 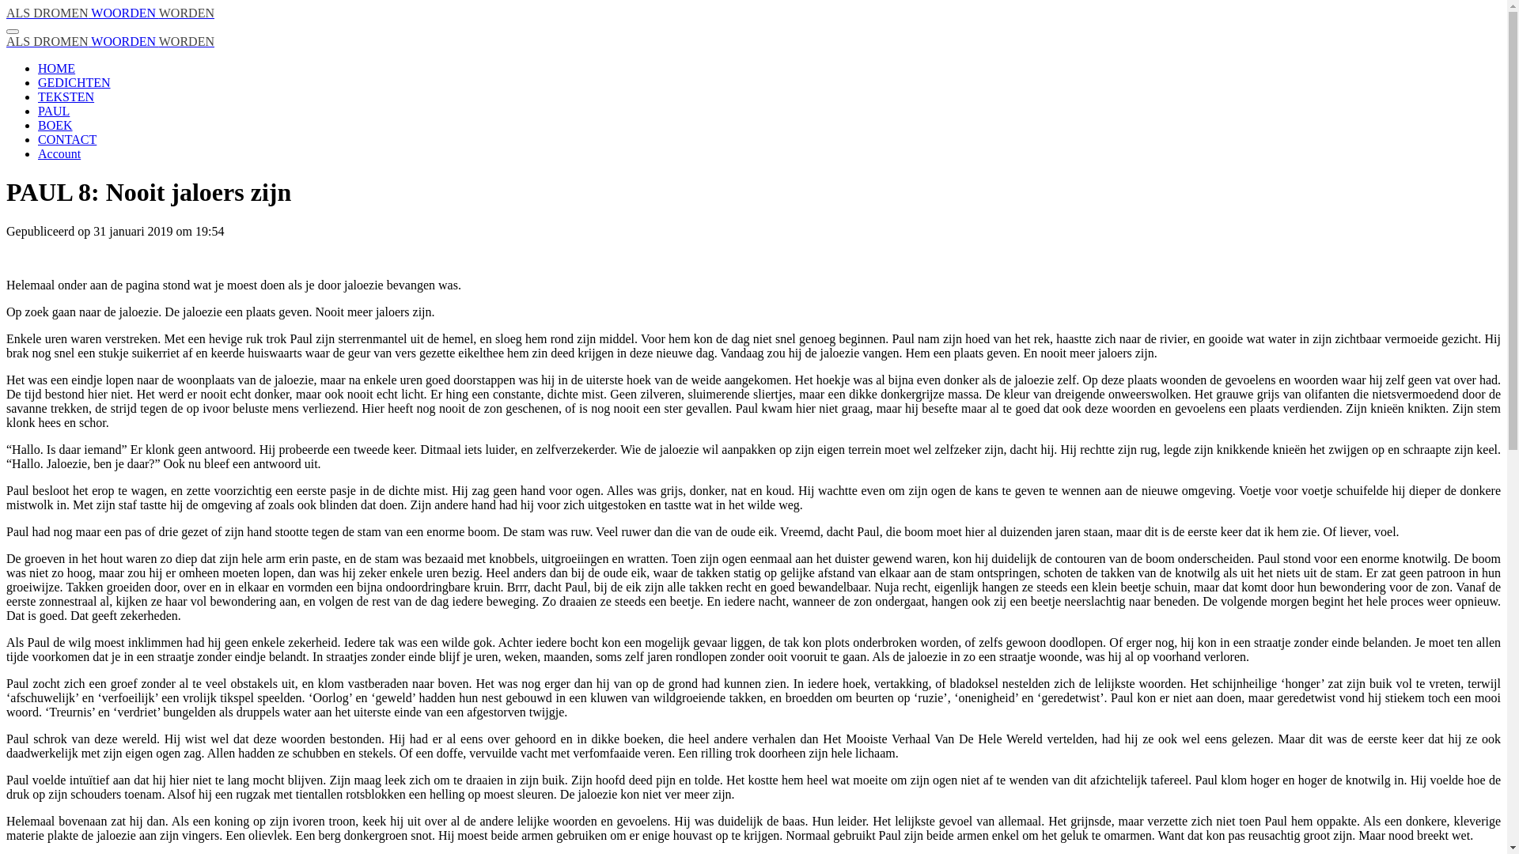 What do you see at coordinates (65, 96) in the screenshot?
I see `'TEKSTEN'` at bounding box center [65, 96].